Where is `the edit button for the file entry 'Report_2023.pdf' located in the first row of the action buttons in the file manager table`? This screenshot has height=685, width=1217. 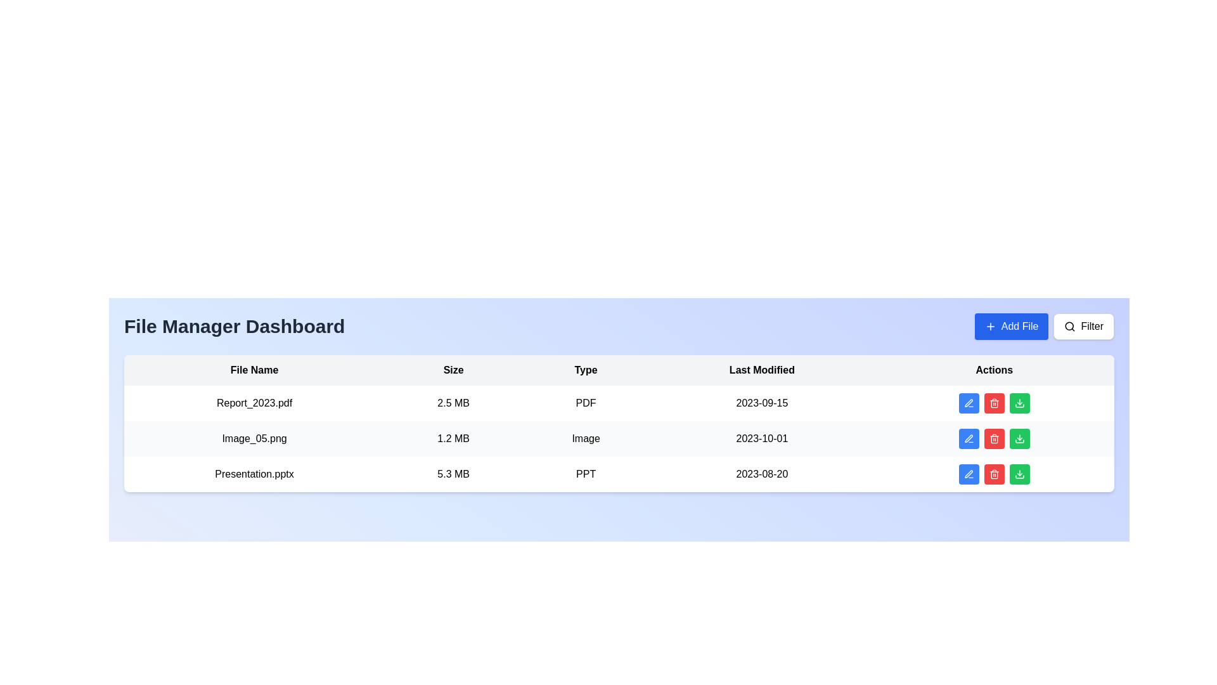 the edit button for the file entry 'Report_2023.pdf' located in the first row of the action buttons in the file manager table is located at coordinates (968, 403).